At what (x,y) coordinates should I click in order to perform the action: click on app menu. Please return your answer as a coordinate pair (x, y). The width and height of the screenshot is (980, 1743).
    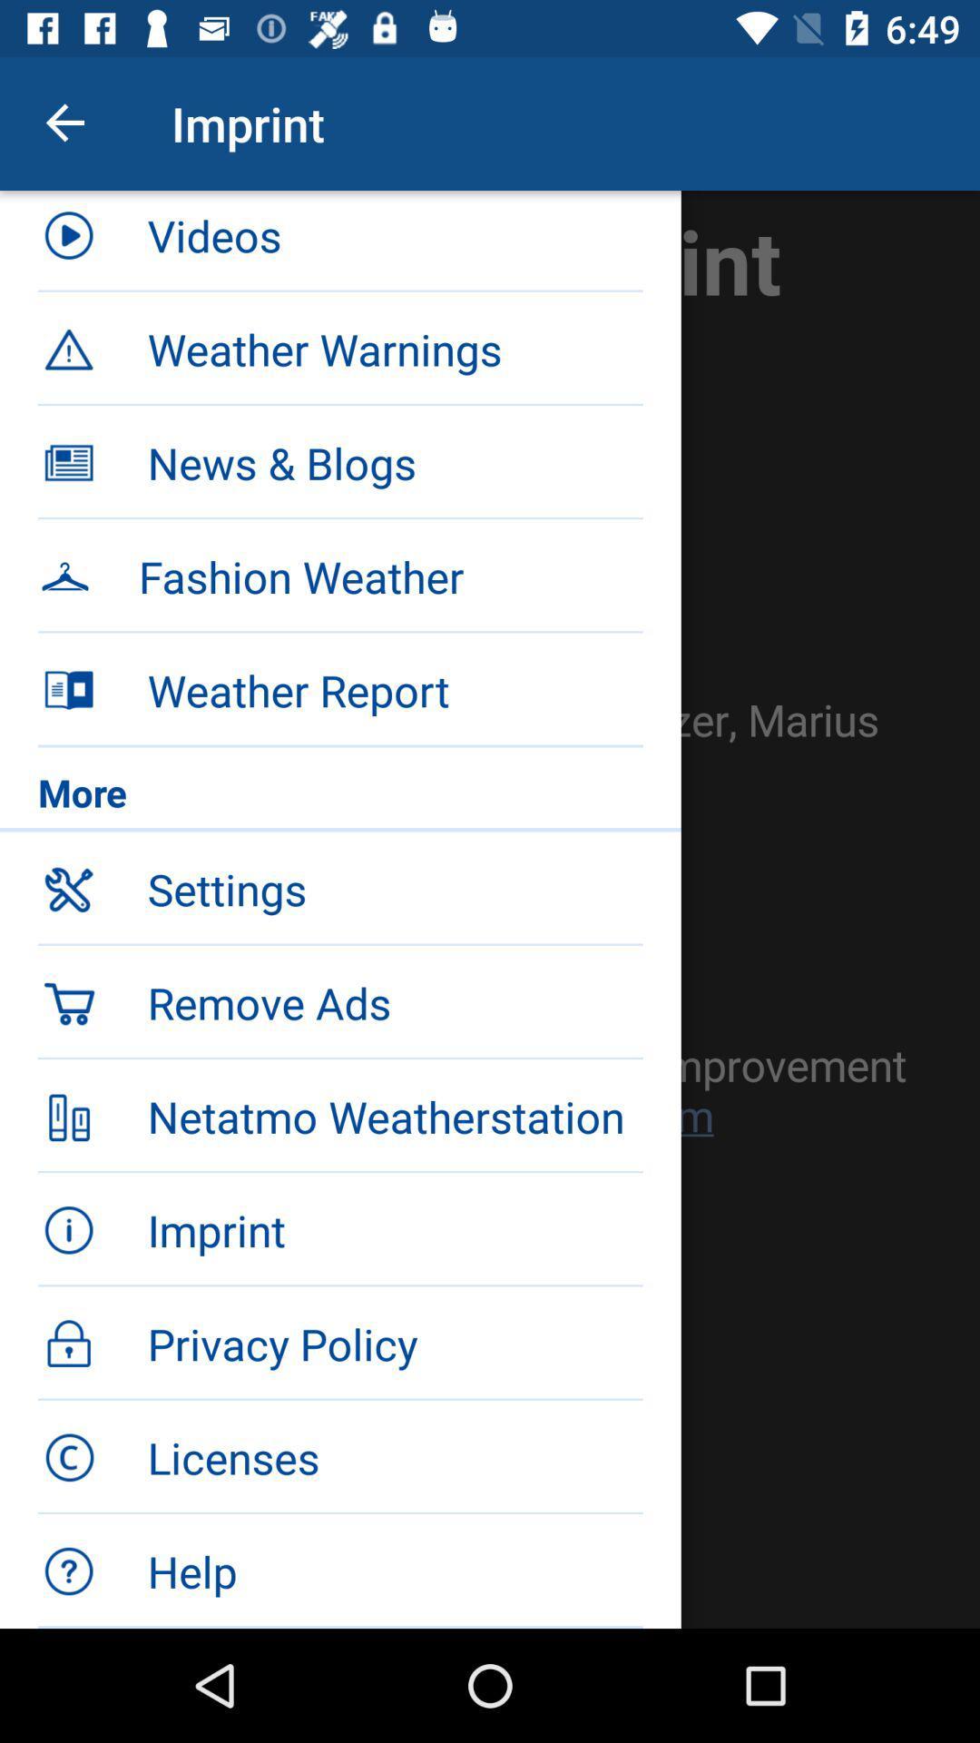
    Looking at the image, I should click on (490, 910).